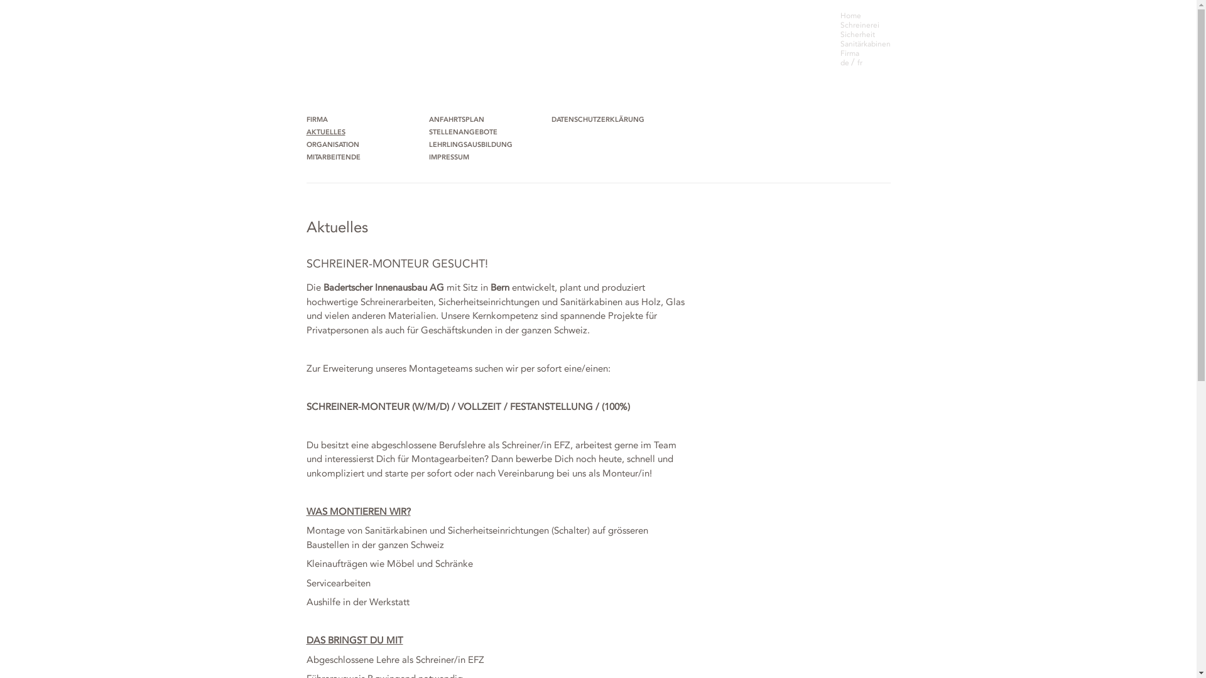  What do you see at coordinates (845, 63) in the screenshot?
I see `'de'` at bounding box center [845, 63].